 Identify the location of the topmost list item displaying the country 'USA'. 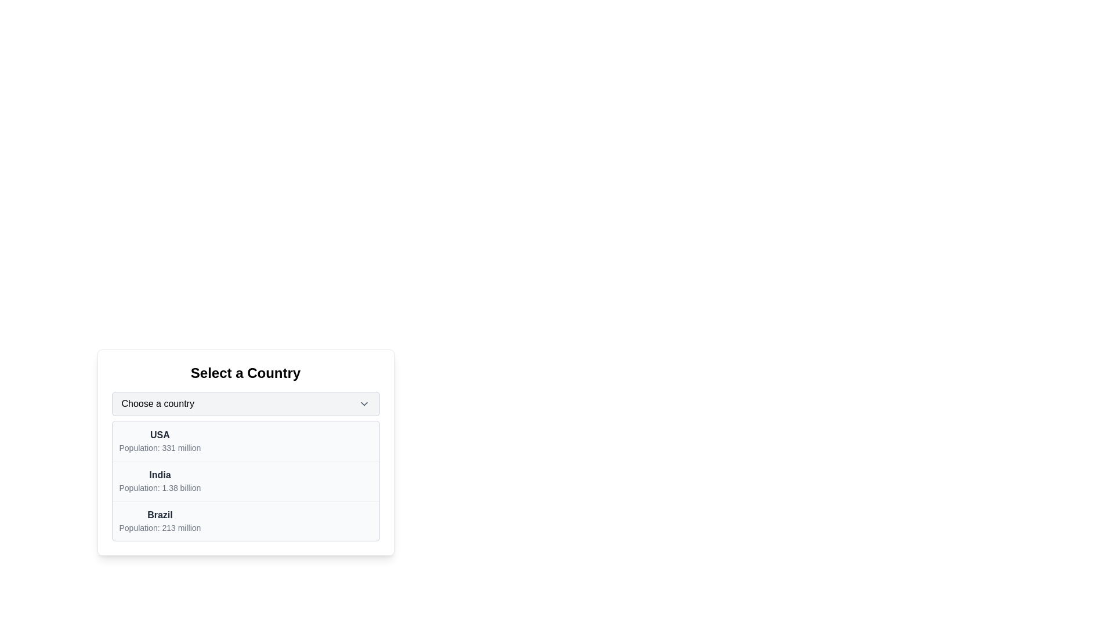
(159, 441).